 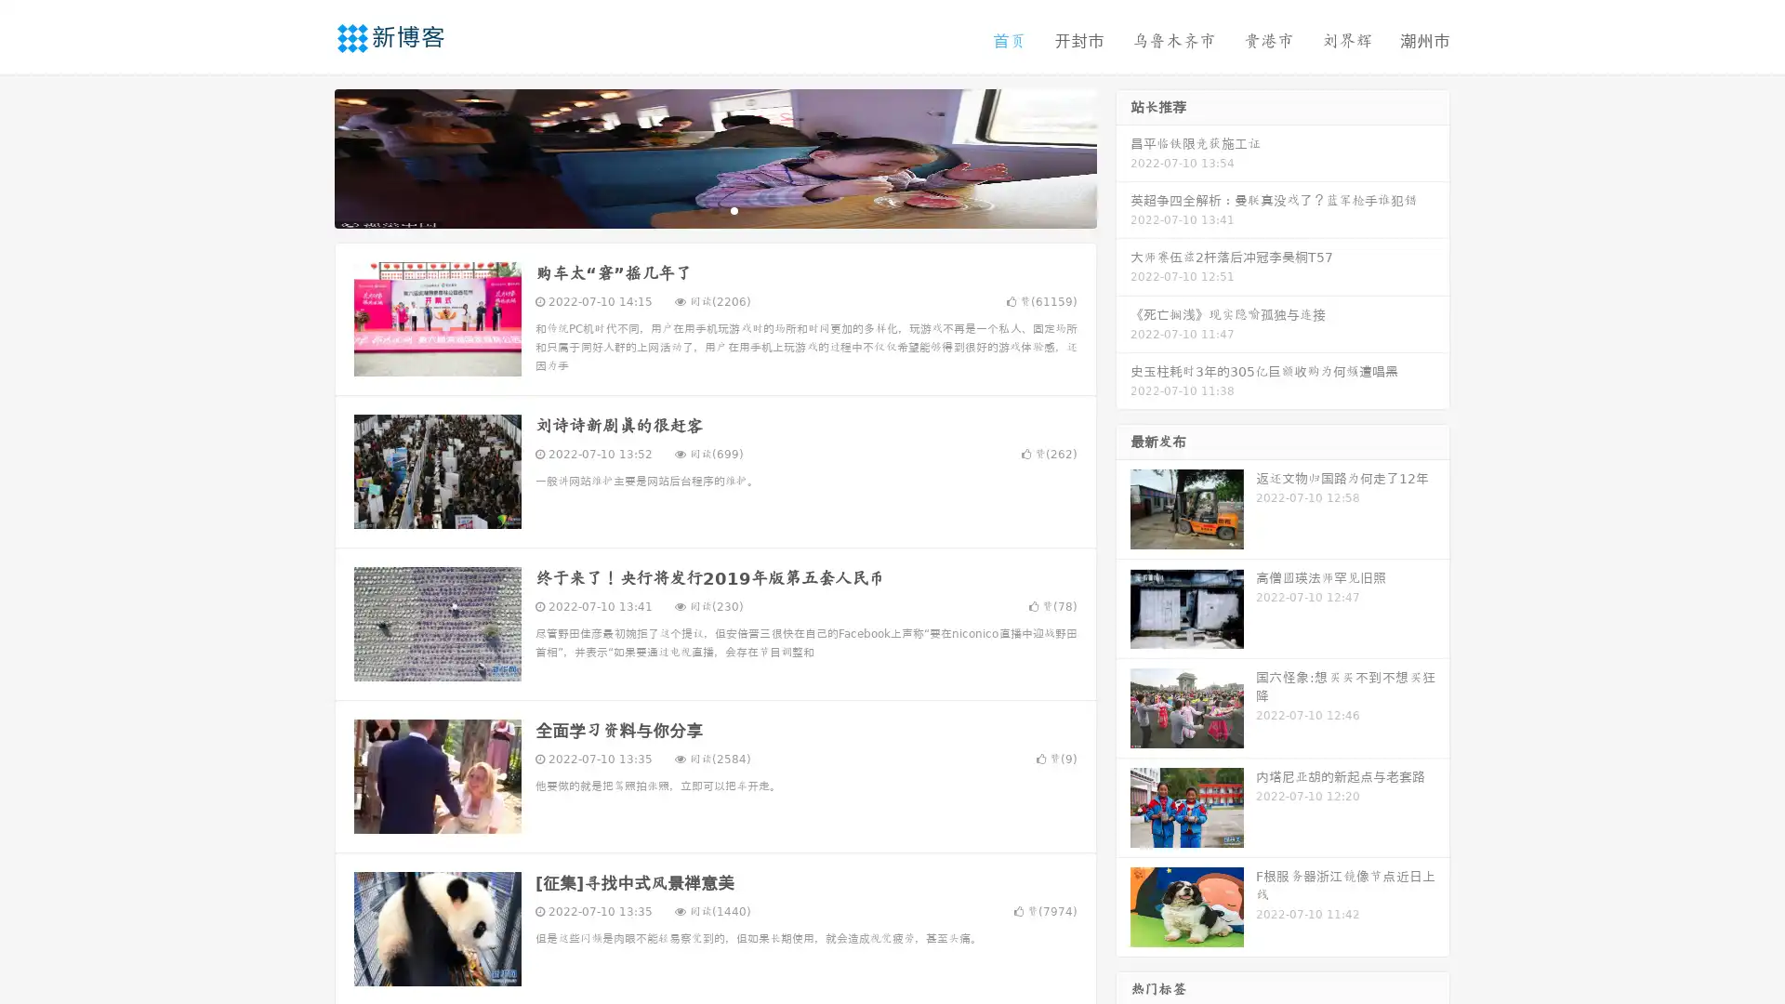 I want to click on Next slide, so click(x=1123, y=156).